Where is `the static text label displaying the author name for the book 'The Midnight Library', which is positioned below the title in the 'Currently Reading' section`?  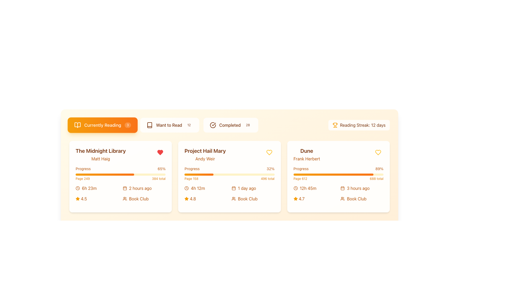 the static text label displaying the author name for the book 'The Midnight Library', which is positioned below the title in the 'Currently Reading' section is located at coordinates (101, 159).